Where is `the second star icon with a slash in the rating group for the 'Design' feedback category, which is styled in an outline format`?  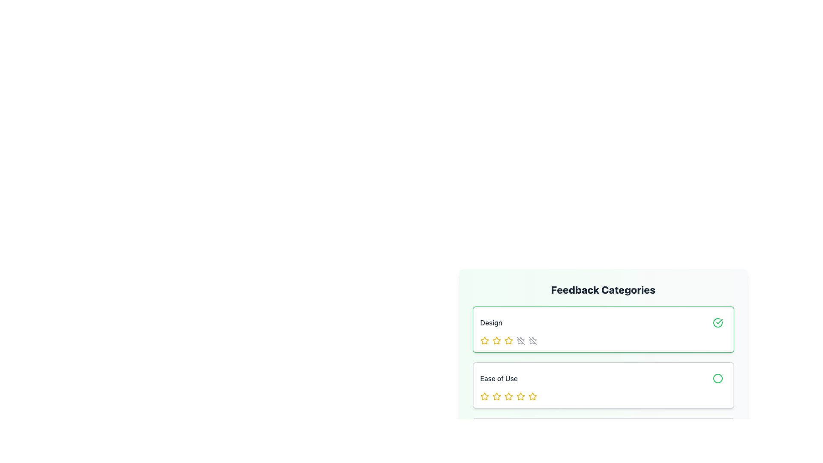 the second star icon with a slash in the rating group for the 'Design' feedback category, which is styled in an outline format is located at coordinates (519, 341).